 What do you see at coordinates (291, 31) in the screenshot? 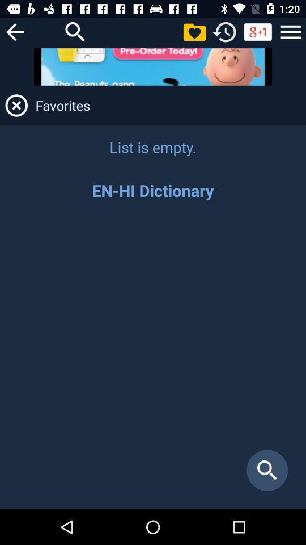
I see `the menu icon` at bounding box center [291, 31].